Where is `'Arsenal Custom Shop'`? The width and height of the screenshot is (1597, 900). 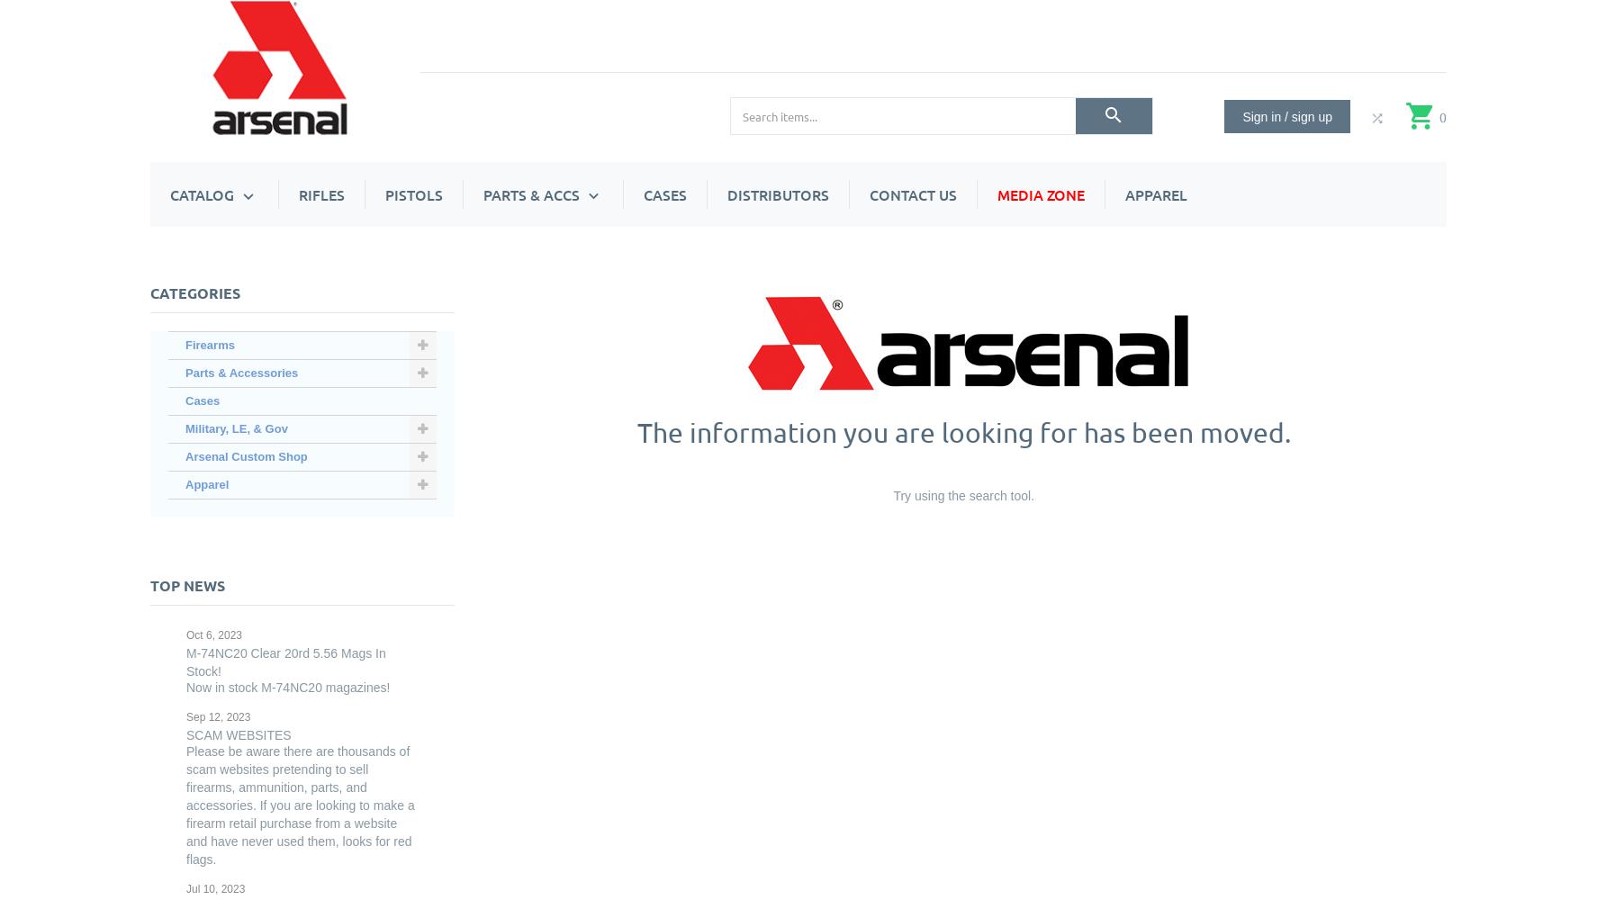
'Arsenal Custom Shop' is located at coordinates (787, 272).